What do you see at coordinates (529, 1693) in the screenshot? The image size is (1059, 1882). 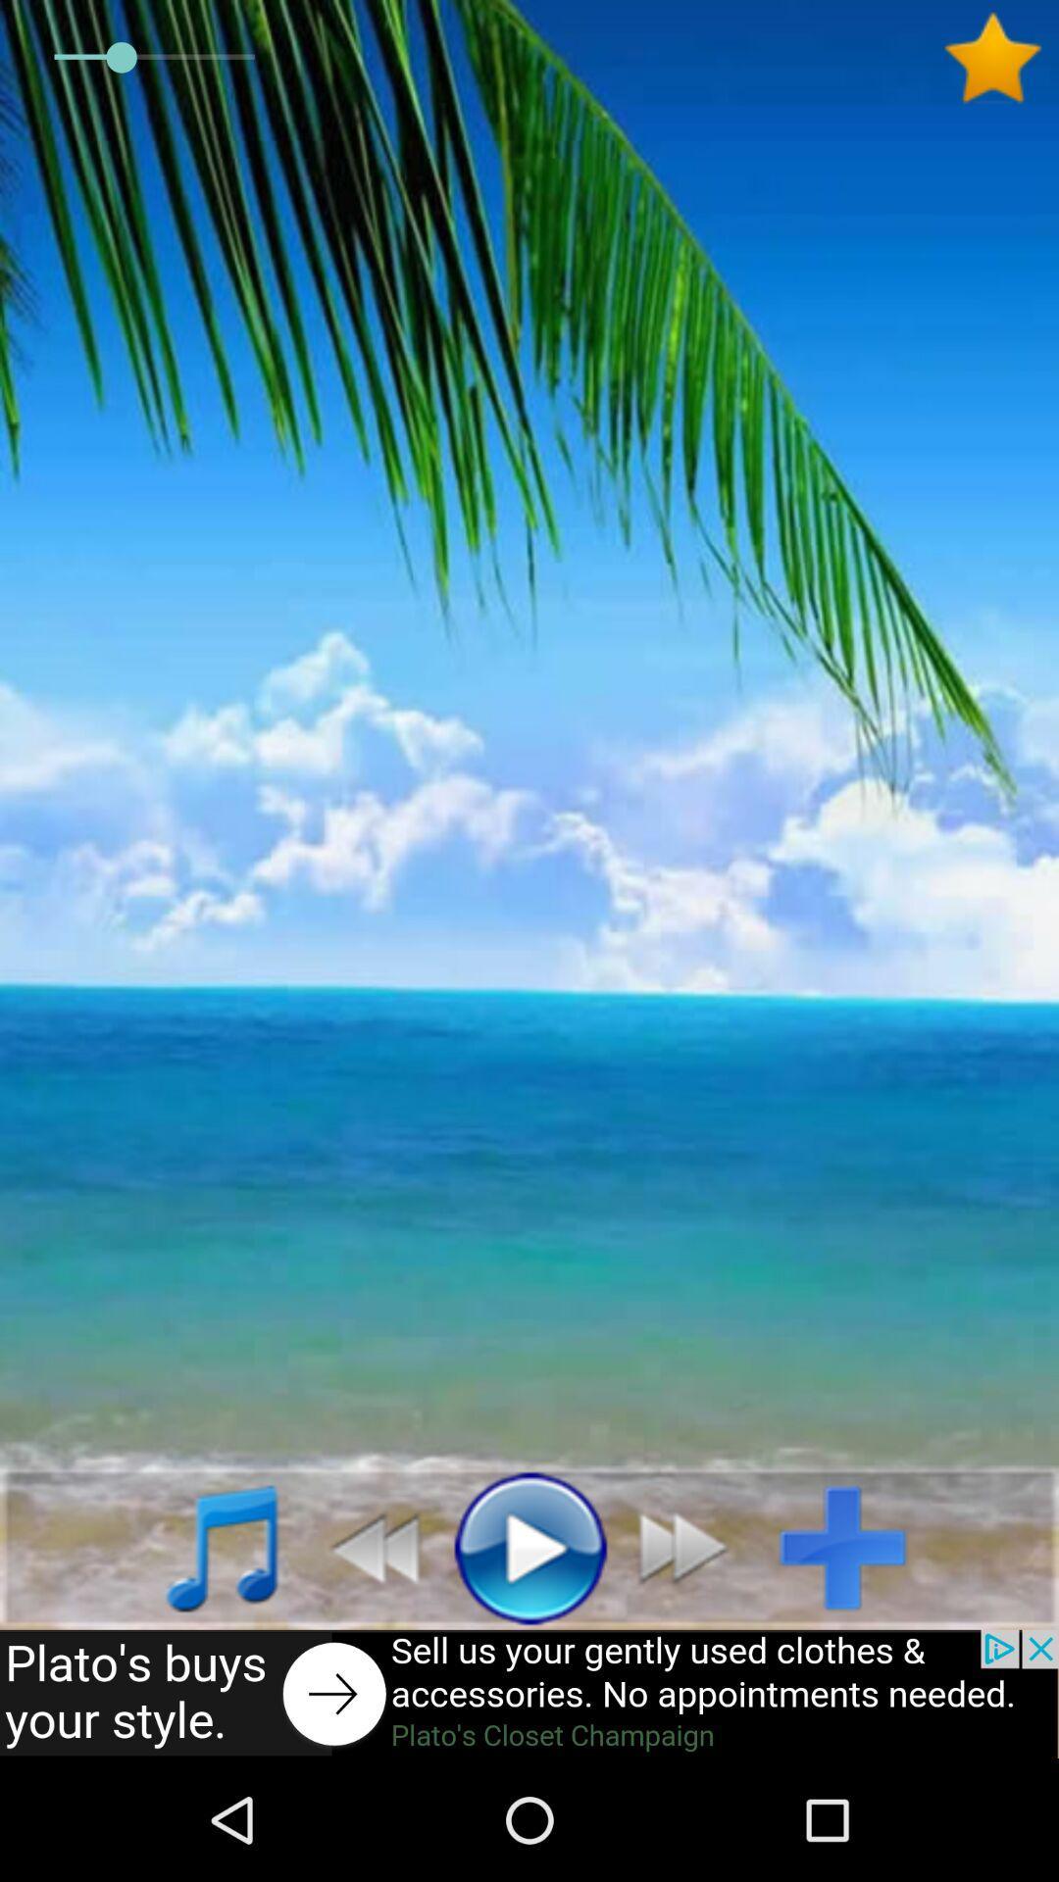 I see `advertisement` at bounding box center [529, 1693].